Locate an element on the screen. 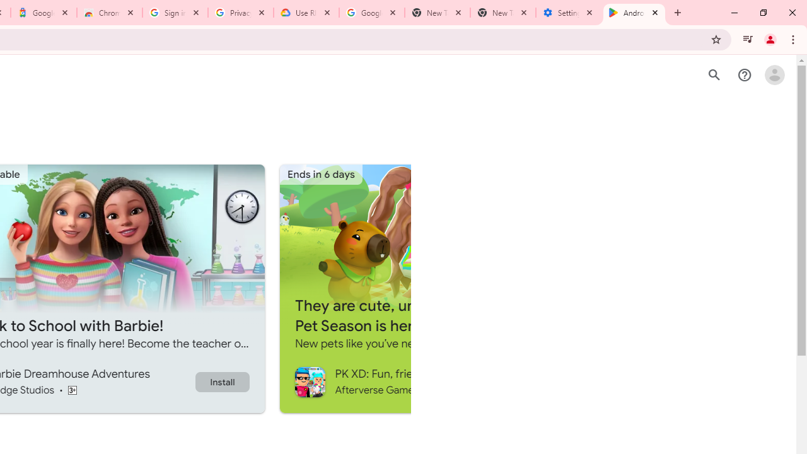 This screenshot has height=454, width=807. 'Help Center' is located at coordinates (744, 75).